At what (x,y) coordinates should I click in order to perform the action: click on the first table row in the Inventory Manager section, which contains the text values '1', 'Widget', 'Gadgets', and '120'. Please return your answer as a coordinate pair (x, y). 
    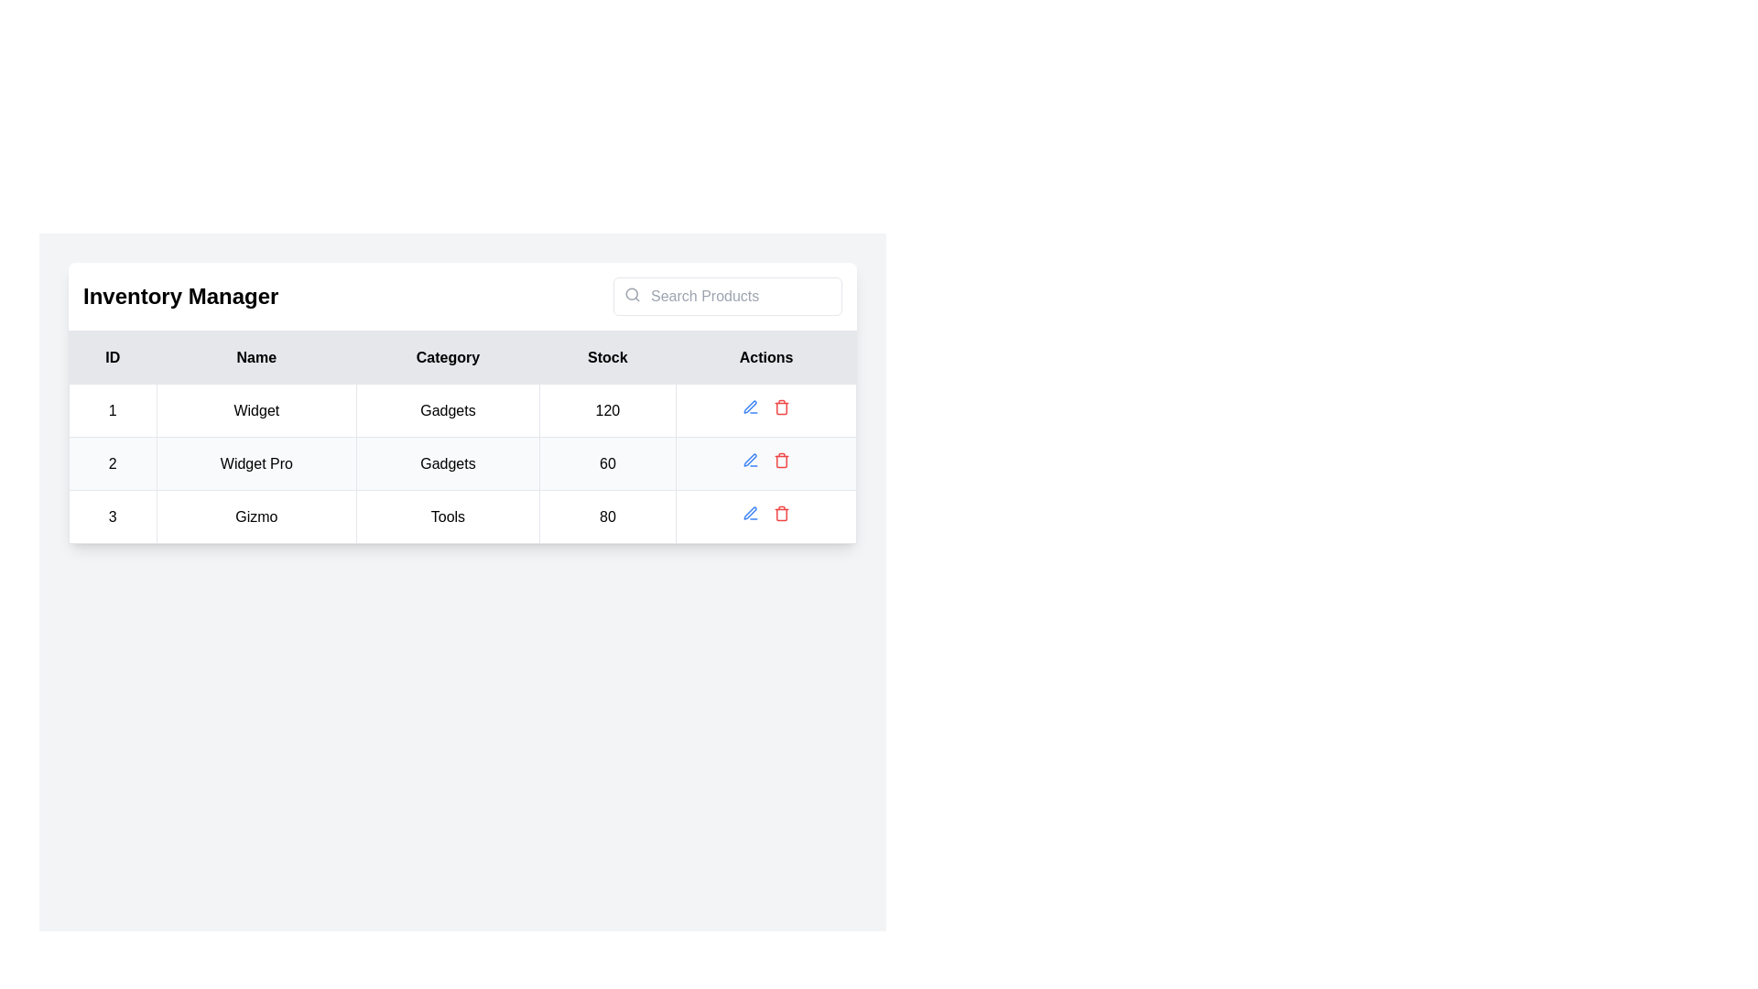
    Looking at the image, I should click on (462, 409).